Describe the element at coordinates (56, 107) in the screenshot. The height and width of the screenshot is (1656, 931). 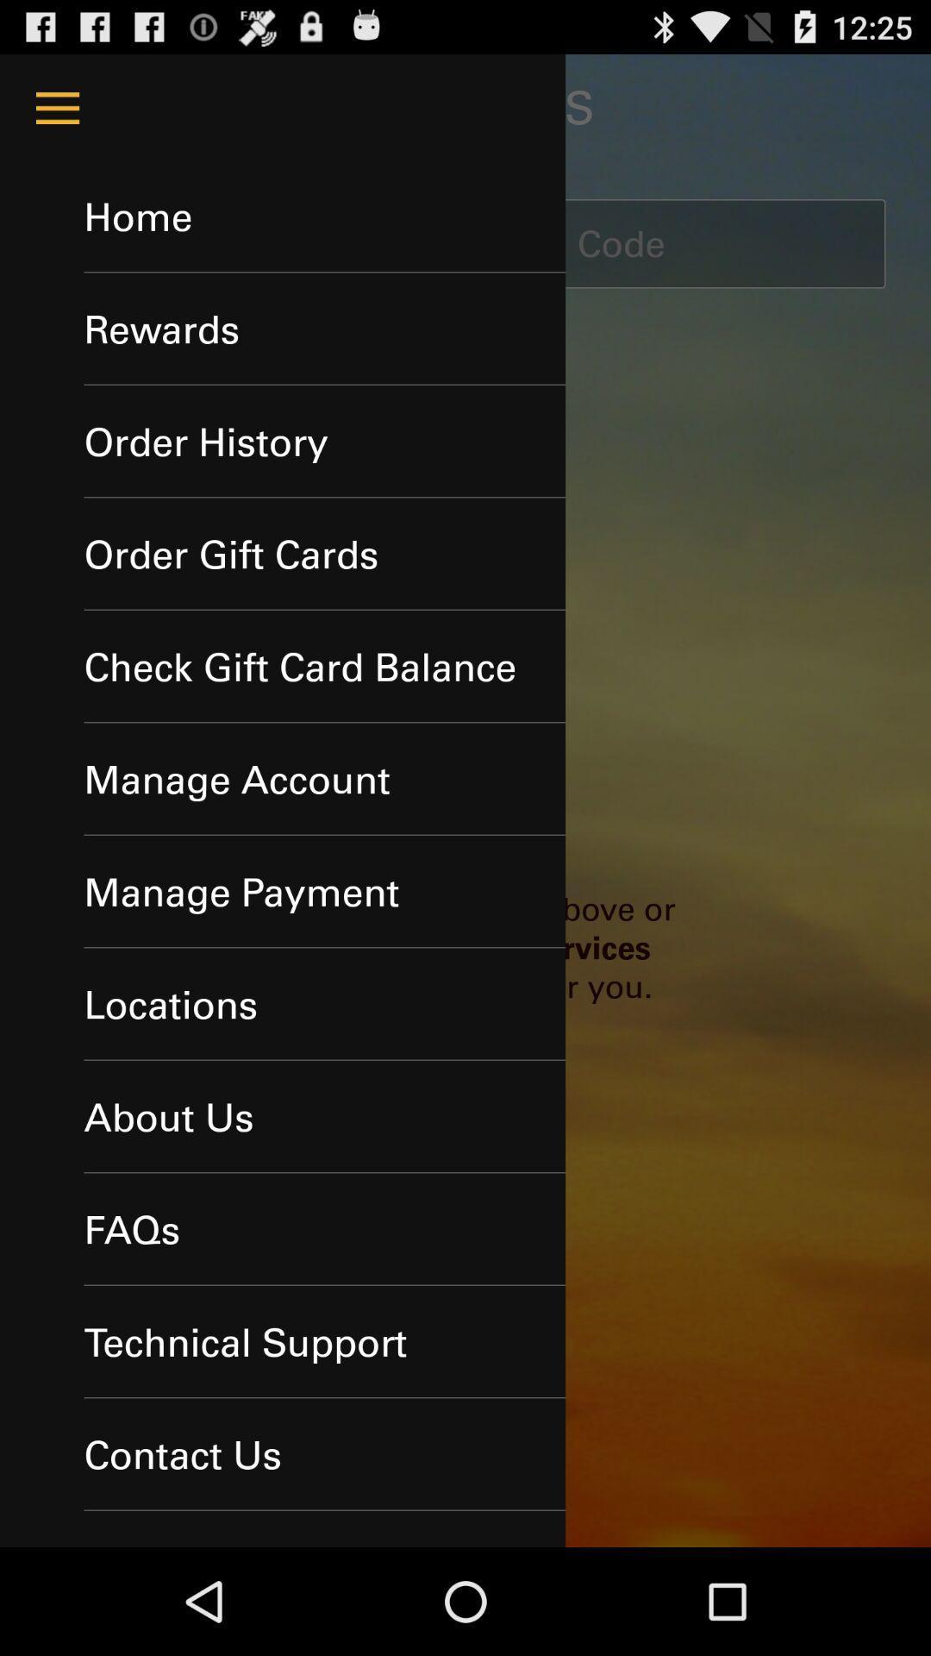
I see `menu icon` at that location.